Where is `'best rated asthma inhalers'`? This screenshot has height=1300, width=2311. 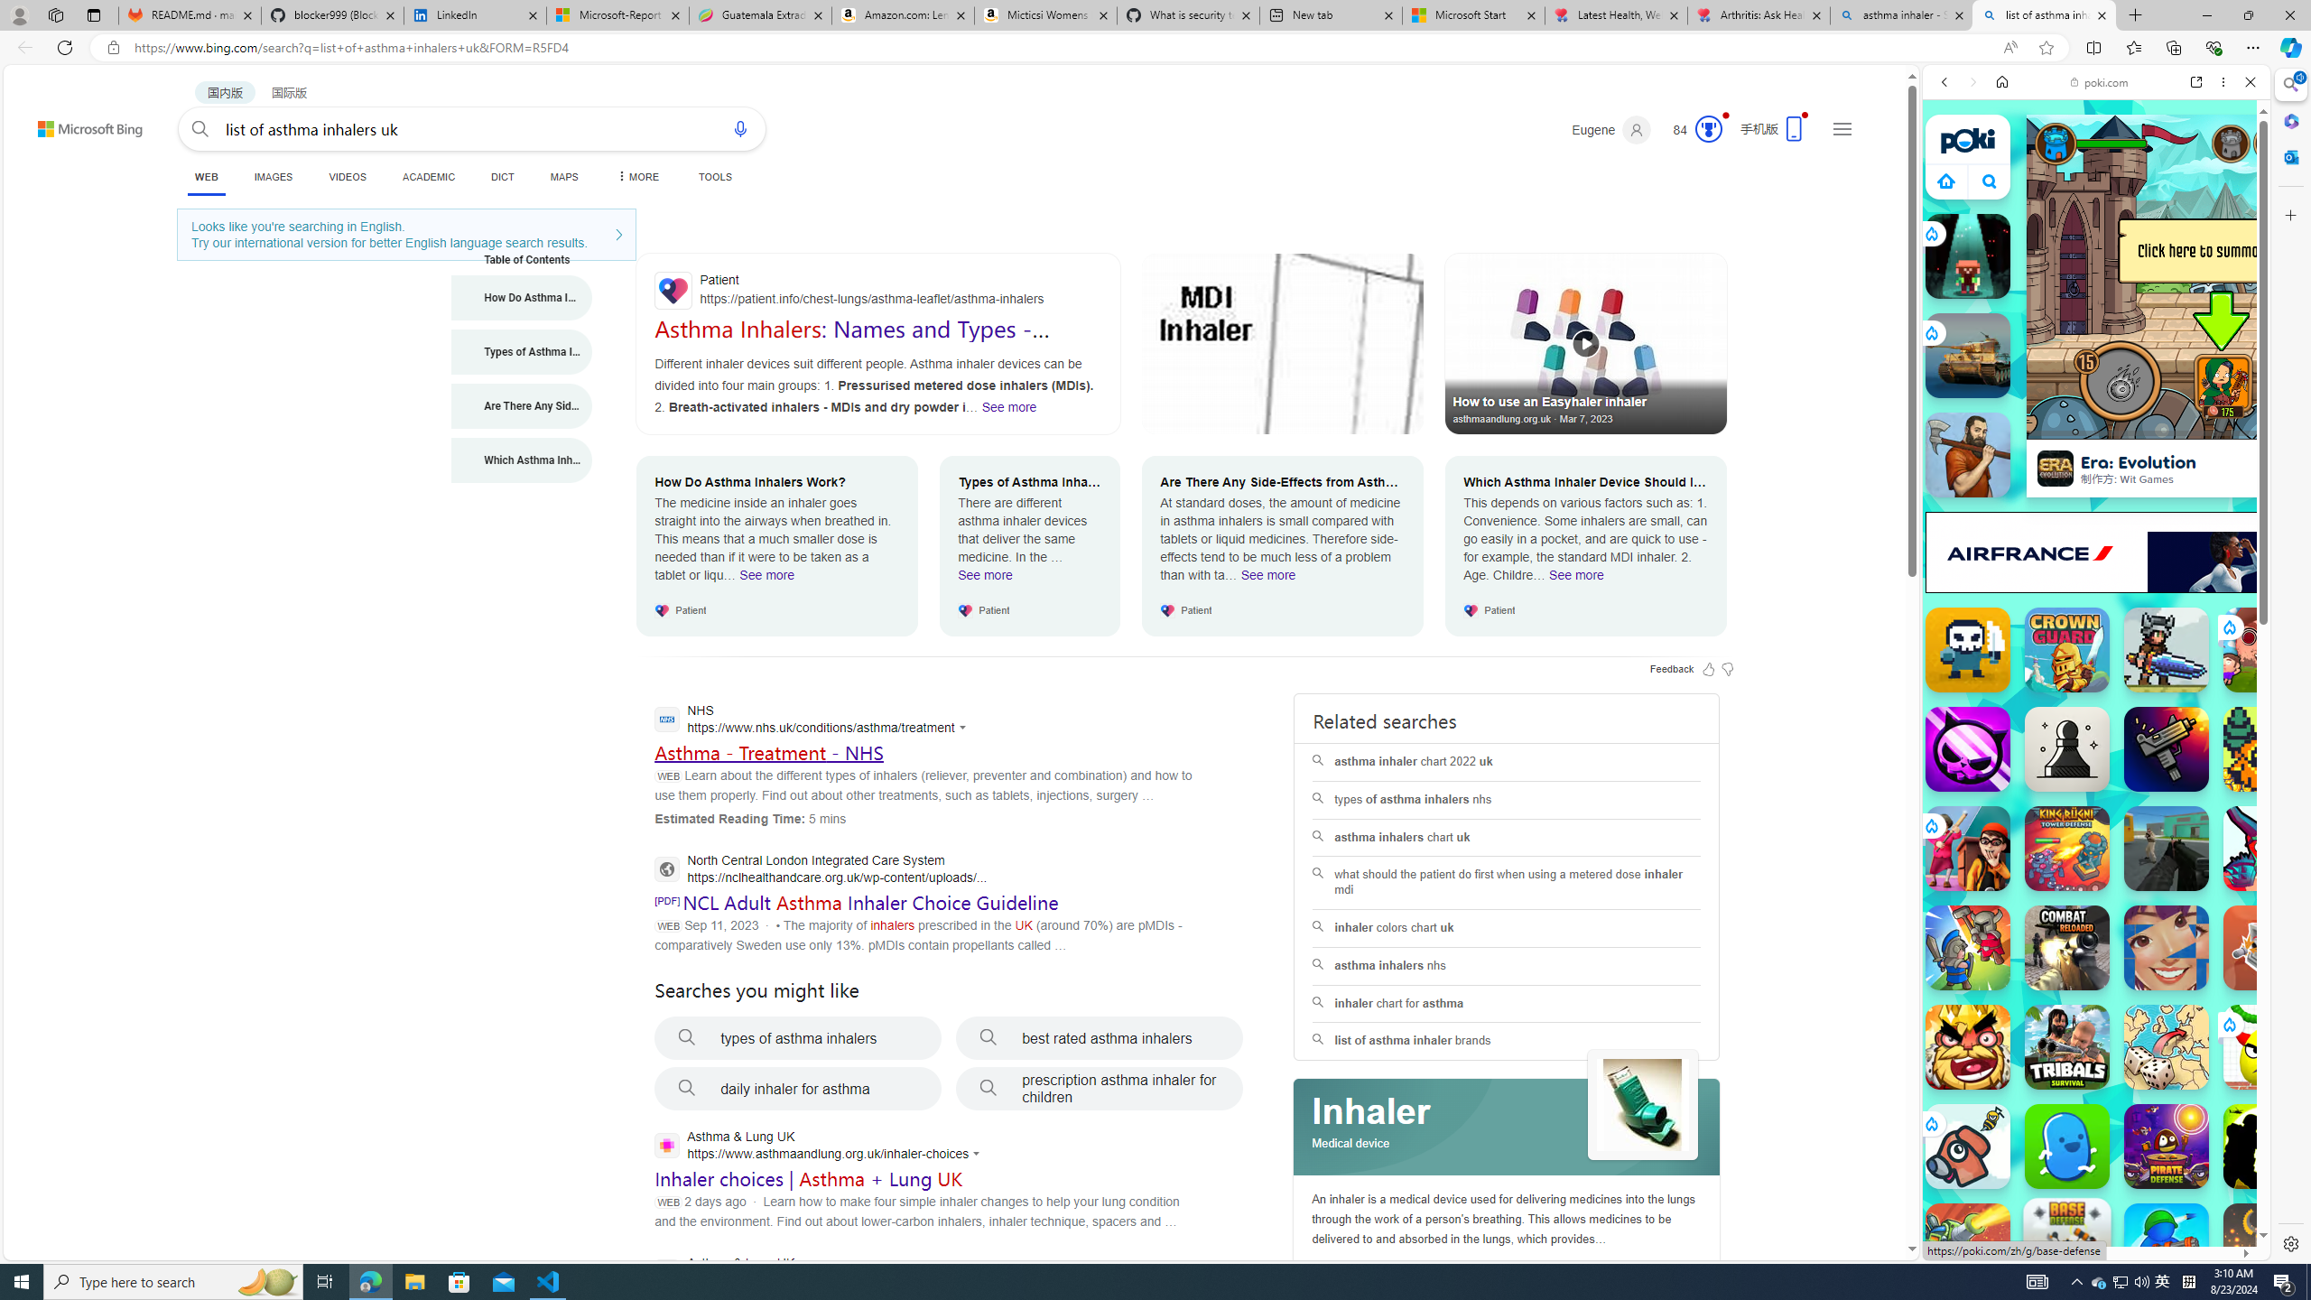 'best rated asthma inhalers' is located at coordinates (1100, 1036).